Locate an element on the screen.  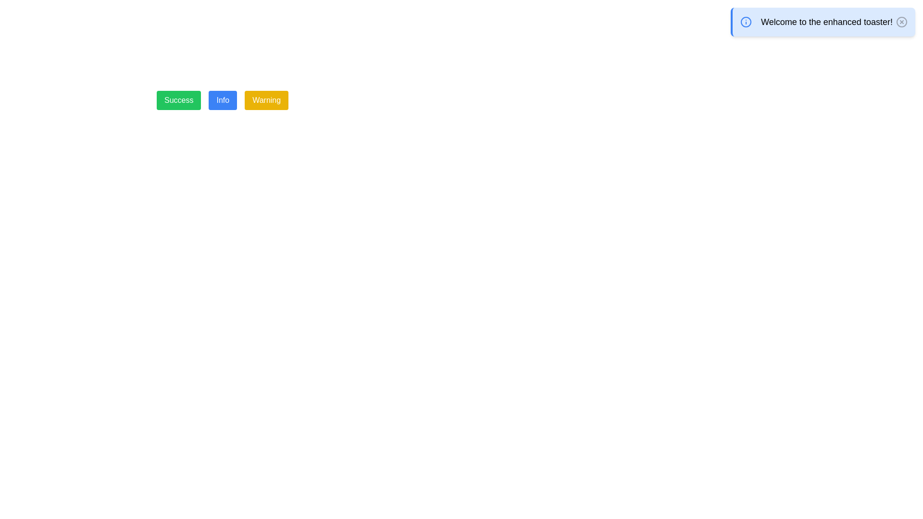
the center button located between the 'Success' button on the left and the 'Warning' button on the right is located at coordinates (222, 100).